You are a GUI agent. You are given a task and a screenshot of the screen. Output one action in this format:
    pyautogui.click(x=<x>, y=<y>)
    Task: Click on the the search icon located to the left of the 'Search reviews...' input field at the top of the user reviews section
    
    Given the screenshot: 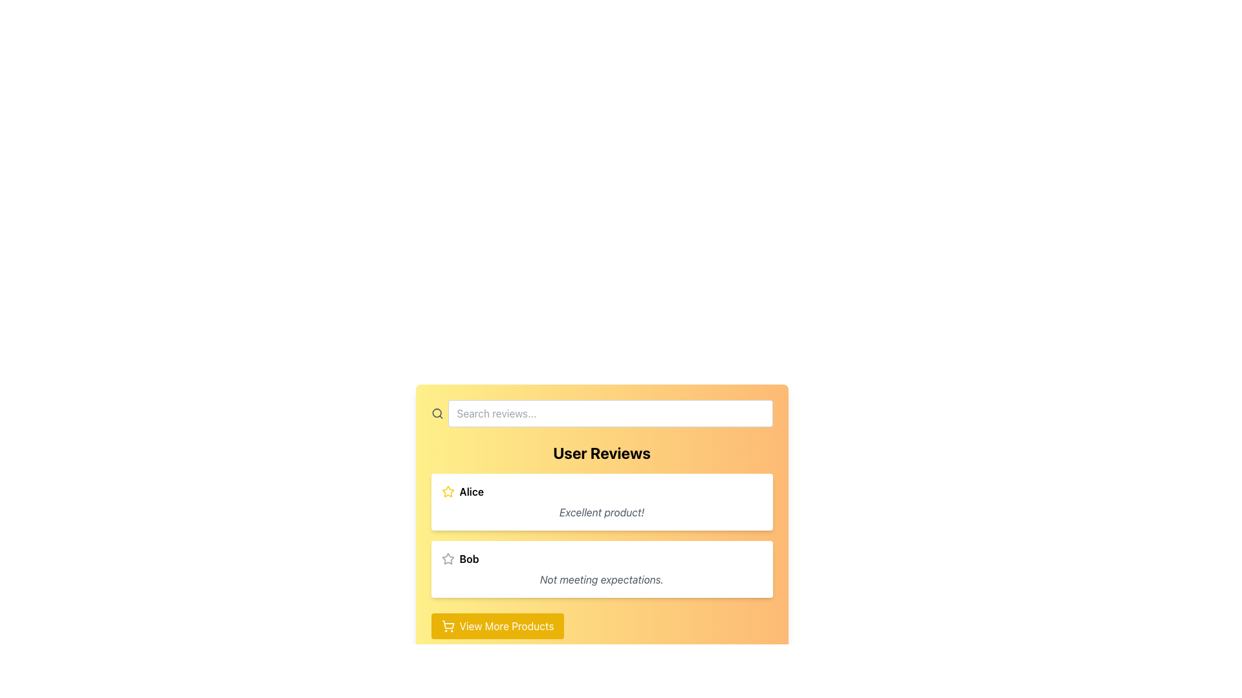 What is the action you would take?
    pyautogui.click(x=437, y=414)
    